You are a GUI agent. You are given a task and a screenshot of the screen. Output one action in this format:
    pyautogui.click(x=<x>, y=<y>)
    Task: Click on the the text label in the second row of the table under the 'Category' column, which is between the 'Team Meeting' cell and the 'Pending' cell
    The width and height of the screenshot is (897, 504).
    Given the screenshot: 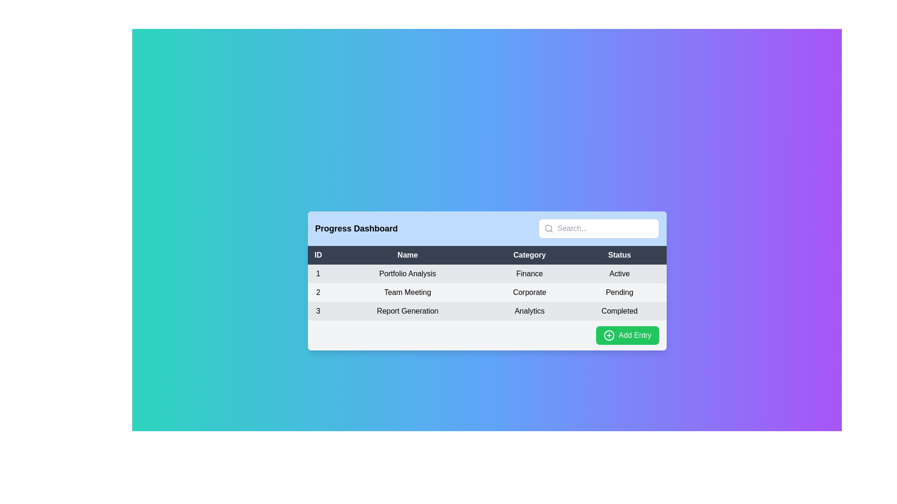 What is the action you would take?
    pyautogui.click(x=529, y=292)
    